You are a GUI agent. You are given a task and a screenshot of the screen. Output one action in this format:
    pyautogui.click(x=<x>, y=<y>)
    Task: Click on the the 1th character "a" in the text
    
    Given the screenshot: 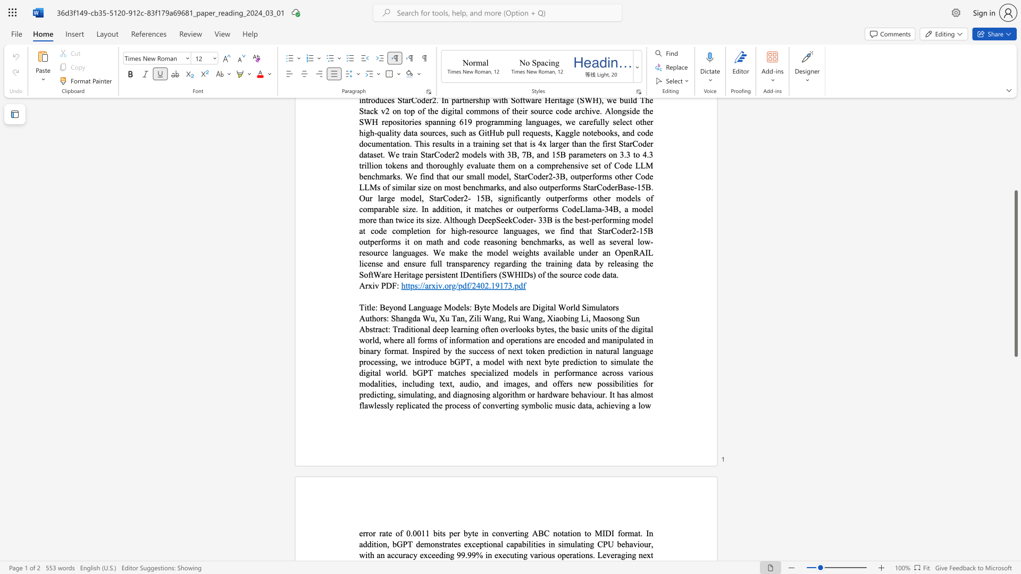 What is the action you would take?
    pyautogui.click(x=380, y=328)
    